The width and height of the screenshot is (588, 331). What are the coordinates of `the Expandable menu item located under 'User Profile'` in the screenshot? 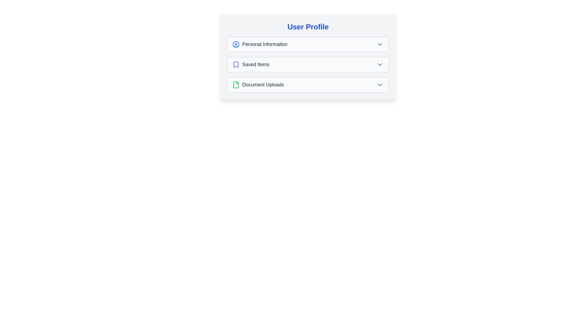 It's located at (308, 65).